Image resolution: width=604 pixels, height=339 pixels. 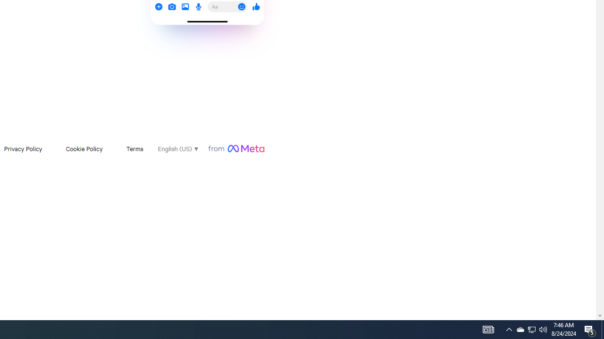 I want to click on 'Cookie Policy', so click(x=84, y=148).